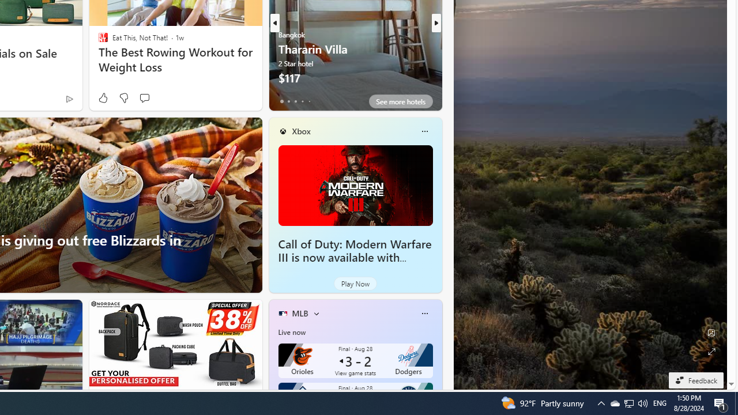 This screenshot has width=738, height=415. Describe the element at coordinates (295, 101) in the screenshot. I see `'tab-2'` at that location.